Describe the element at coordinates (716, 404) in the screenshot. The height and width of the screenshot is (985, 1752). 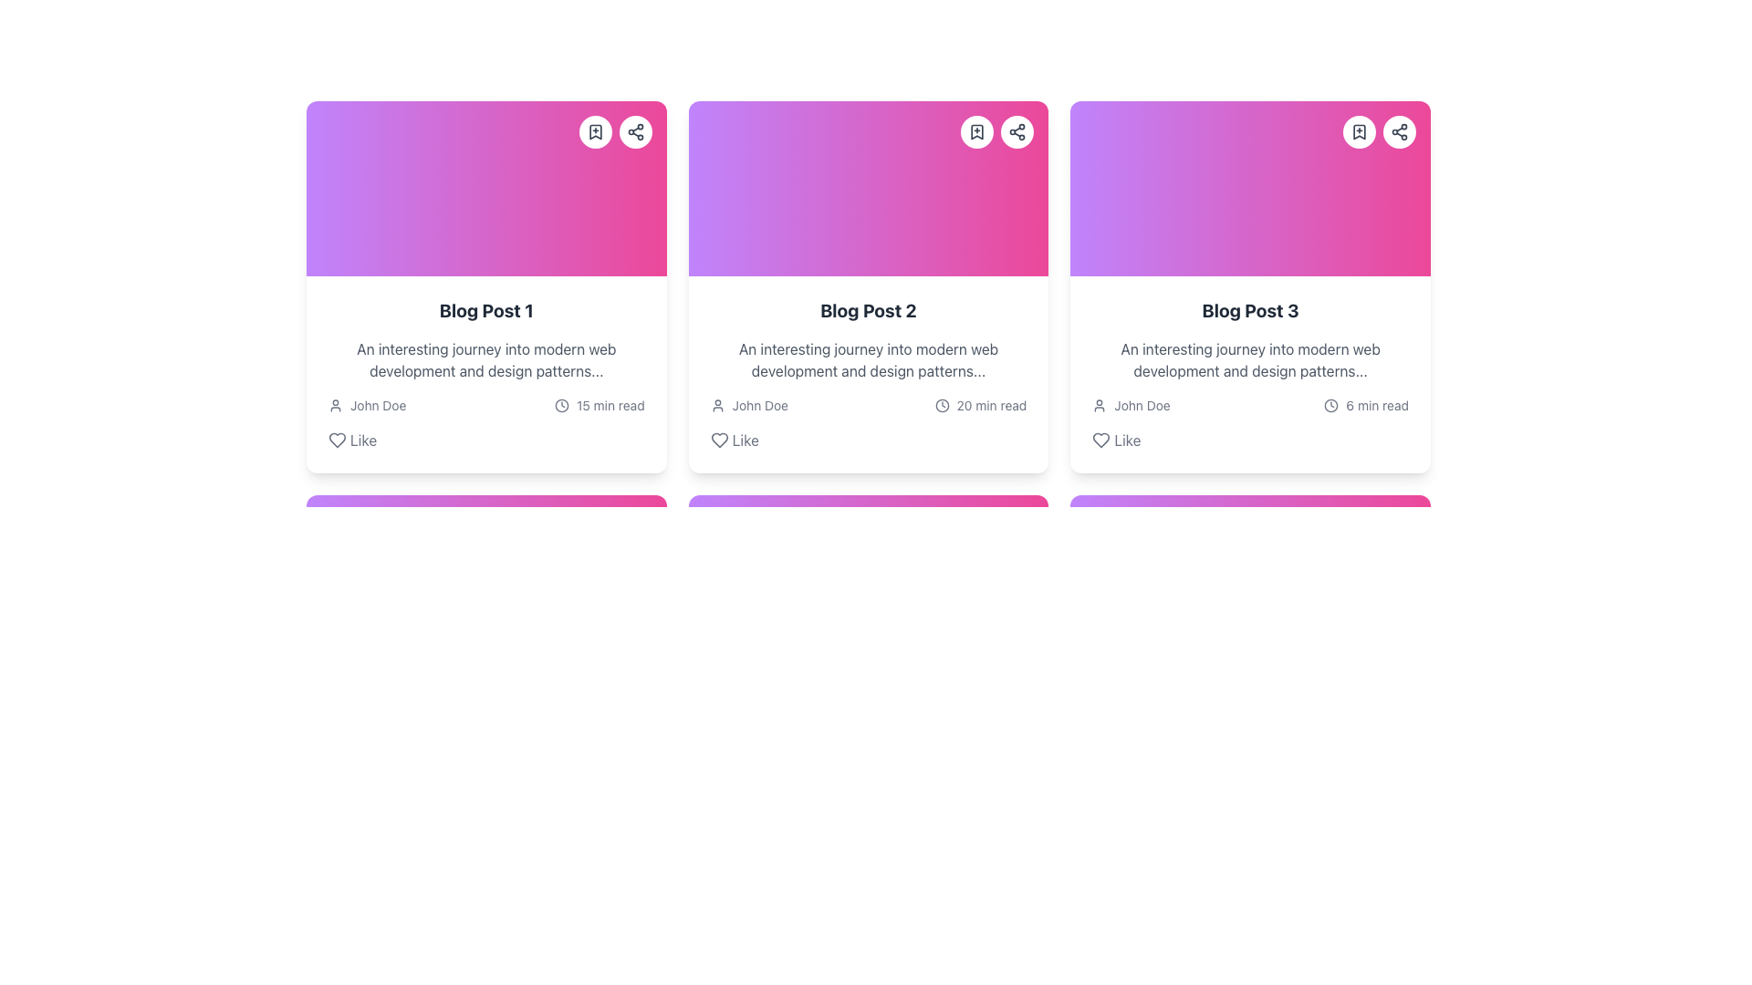
I see `the user profile avatar icon, which is a monochromatic SVG icon styled with a minimalist design, located left of the text 'John Doe' in the bottom section of the first card labeled 'Blog Post 1.'` at that location.